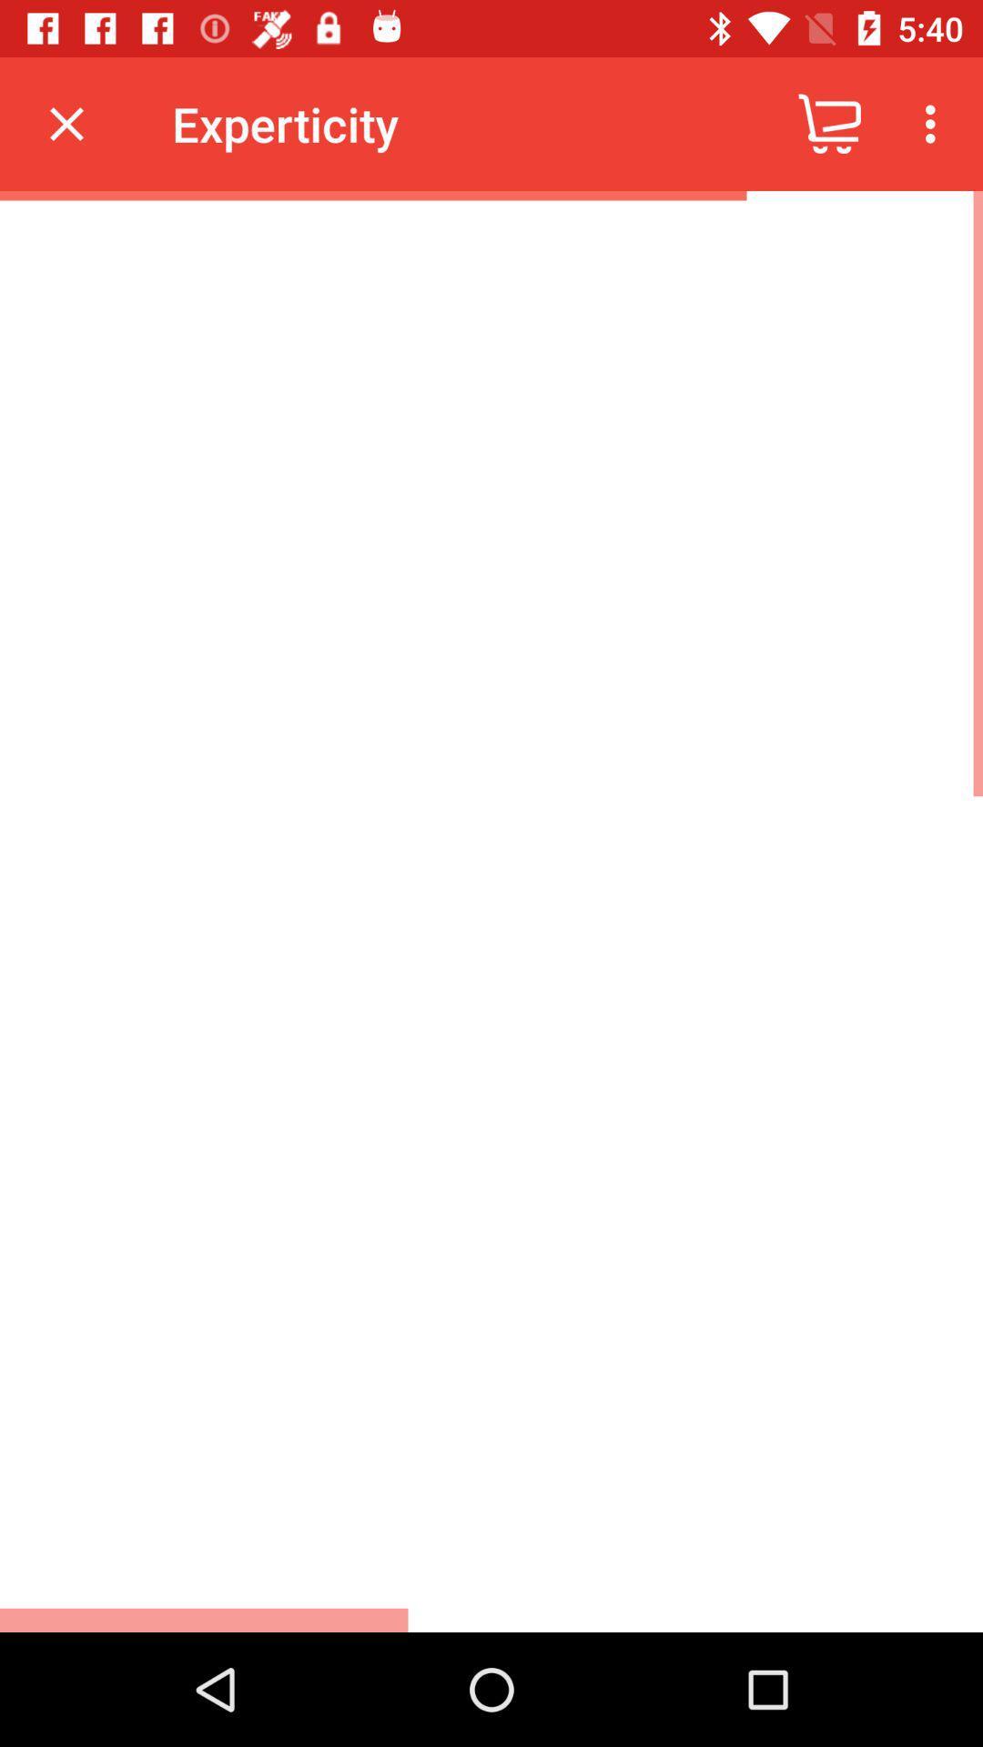 The height and width of the screenshot is (1747, 983). What do you see at coordinates (66, 123) in the screenshot?
I see `icon next to the experticity icon` at bounding box center [66, 123].